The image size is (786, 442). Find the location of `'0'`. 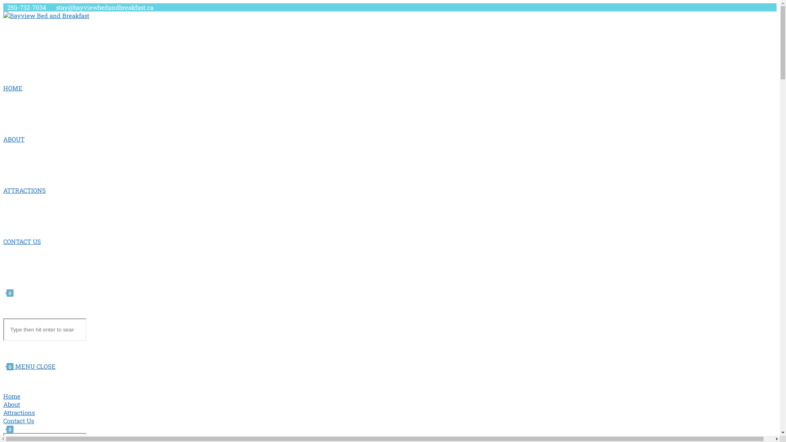

'0' is located at coordinates (8, 292).